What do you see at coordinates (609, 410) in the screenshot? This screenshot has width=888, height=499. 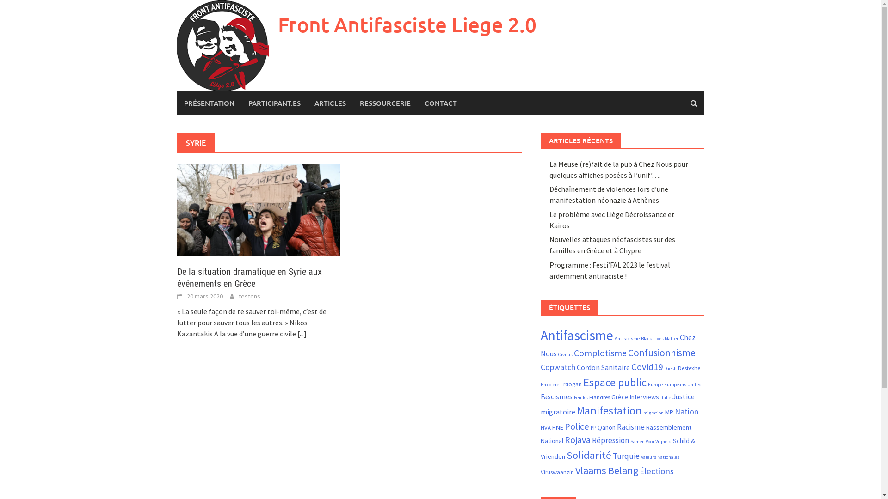 I see `'Manifestation'` at bounding box center [609, 410].